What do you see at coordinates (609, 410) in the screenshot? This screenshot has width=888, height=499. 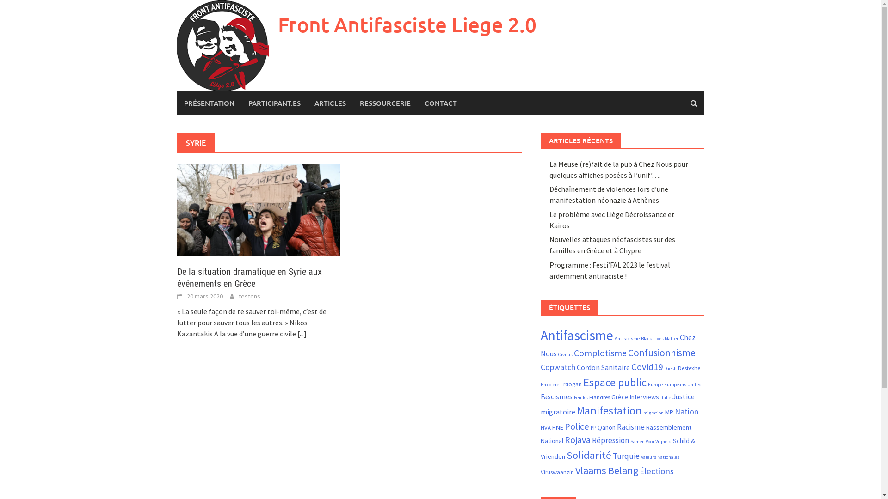 I see `'Manifestation'` at bounding box center [609, 410].